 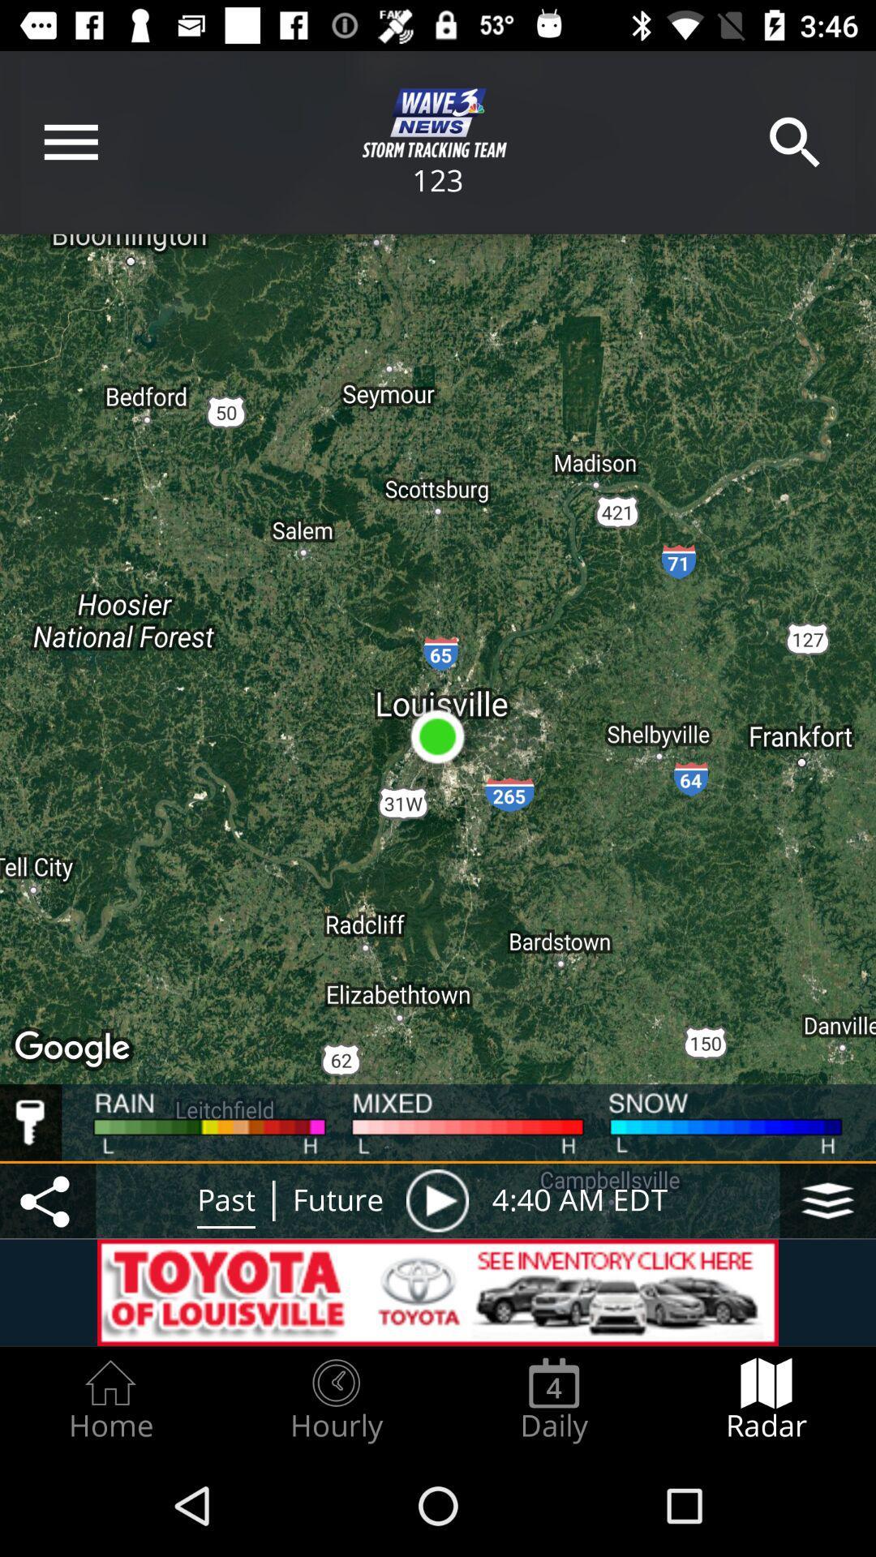 What do you see at coordinates (436, 1200) in the screenshot?
I see `the icon to the left of 4 40 am icon` at bounding box center [436, 1200].